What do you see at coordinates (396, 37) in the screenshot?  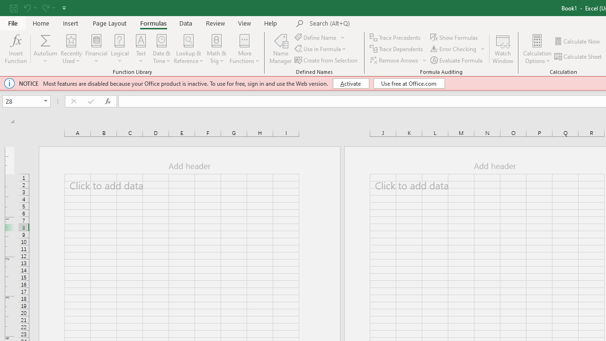 I see `'Trace Precedents'` at bounding box center [396, 37].